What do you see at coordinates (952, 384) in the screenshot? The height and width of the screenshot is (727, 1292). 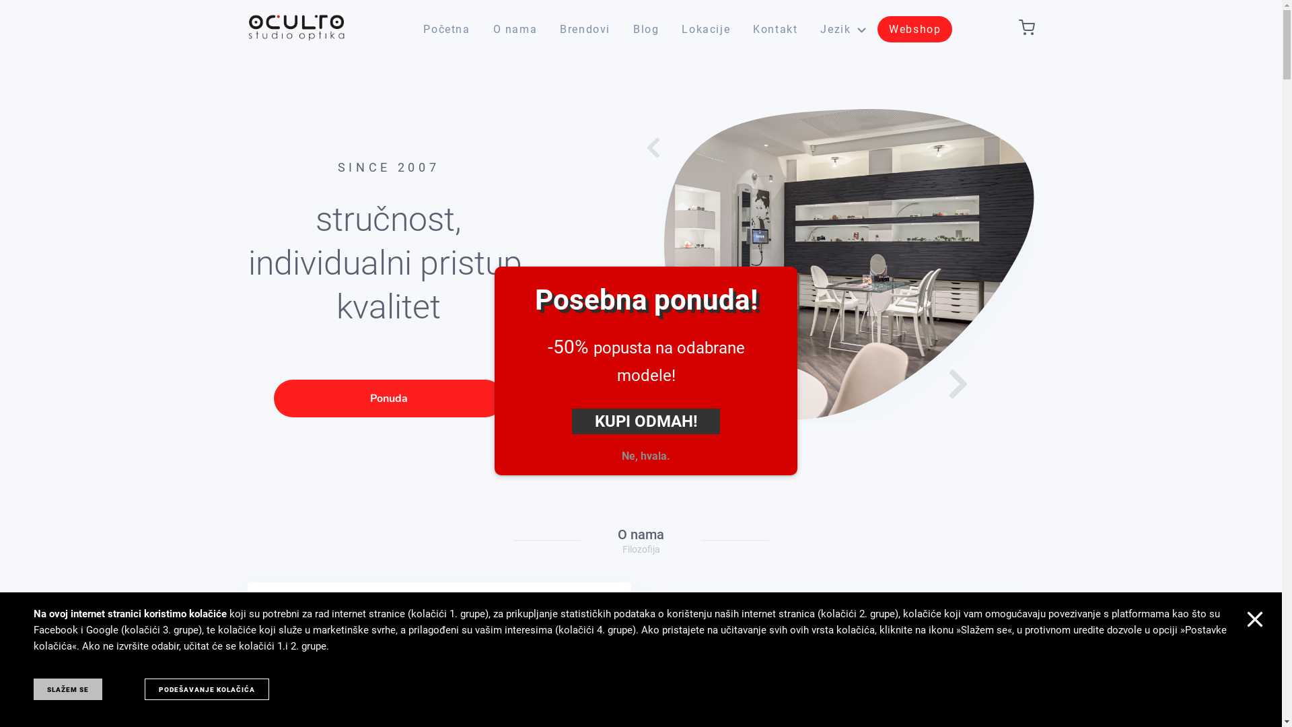 I see `'Arrow Rigfht Slider'` at bounding box center [952, 384].